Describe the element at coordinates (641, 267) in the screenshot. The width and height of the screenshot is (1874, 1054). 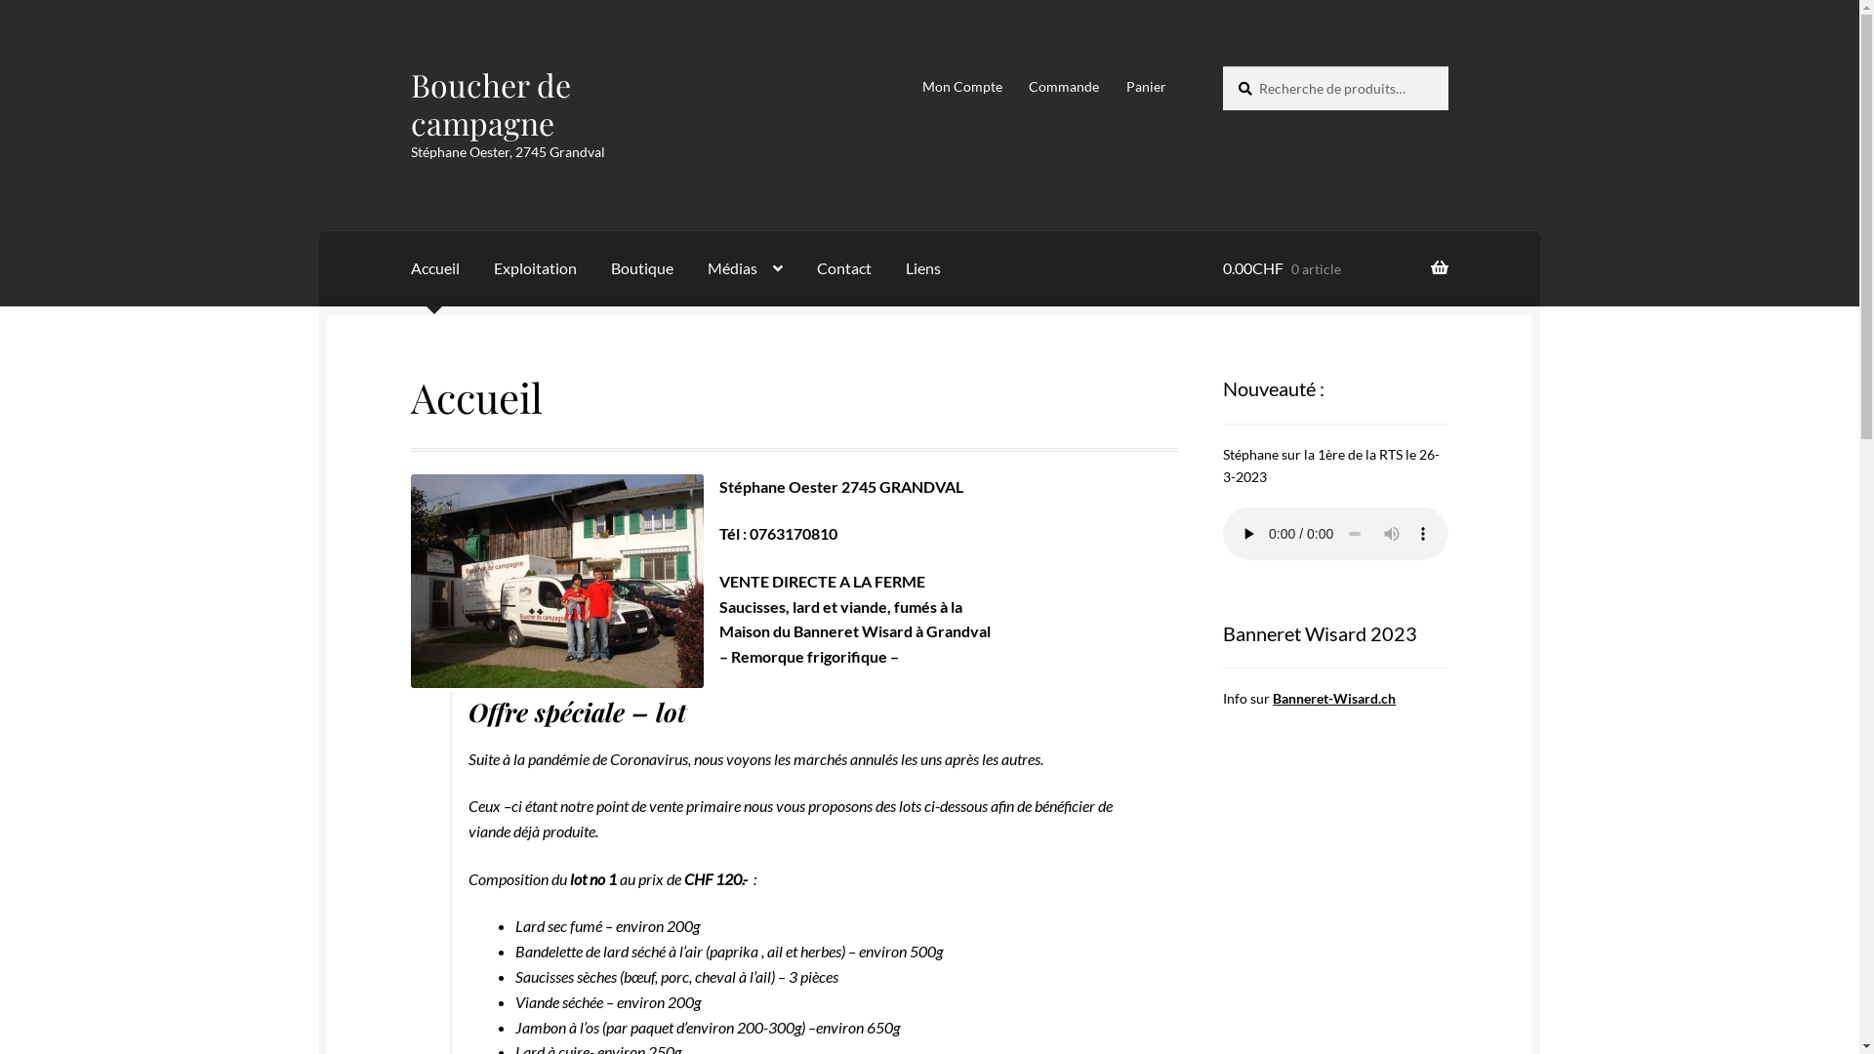
I see `'Boutique'` at that location.